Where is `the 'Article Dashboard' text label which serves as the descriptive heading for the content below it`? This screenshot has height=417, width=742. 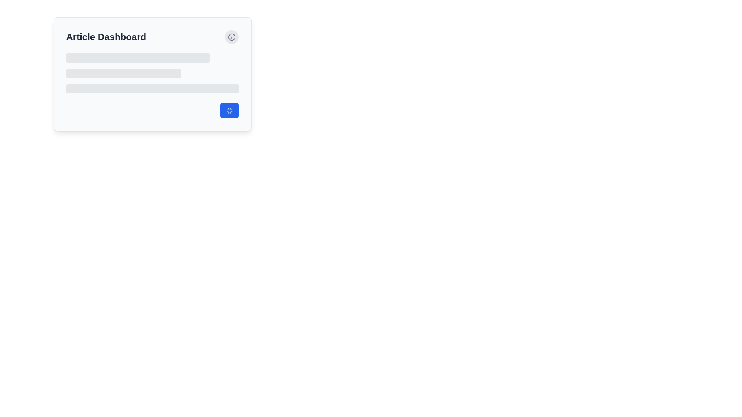
the 'Article Dashboard' text label which serves as the descriptive heading for the content below it is located at coordinates (106, 37).